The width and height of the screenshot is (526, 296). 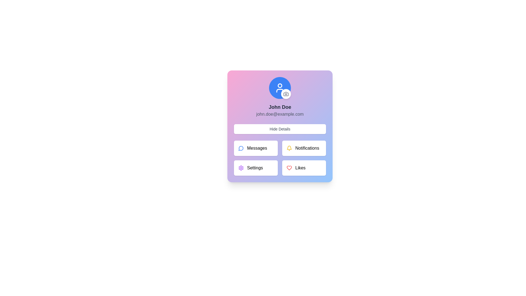 What do you see at coordinates (256, 148) in the screenshot?
I see `the 'Messages' navigation button` at bounding box center [256, 148].